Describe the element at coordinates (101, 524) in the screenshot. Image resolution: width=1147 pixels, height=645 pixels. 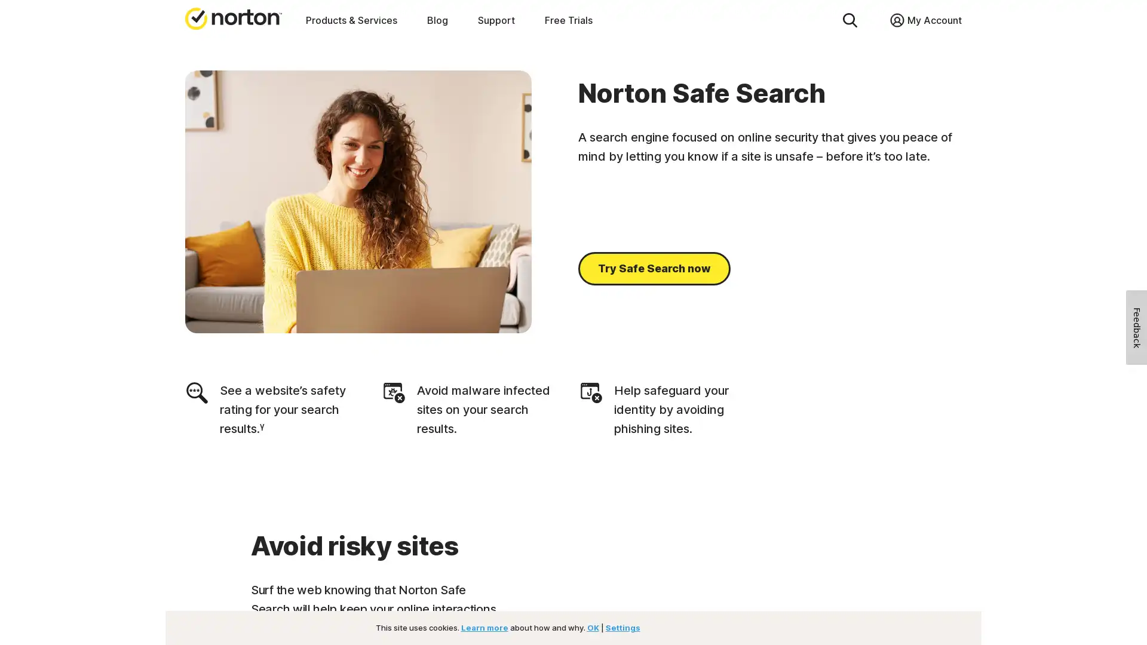
I see `No Thanks` at that location.